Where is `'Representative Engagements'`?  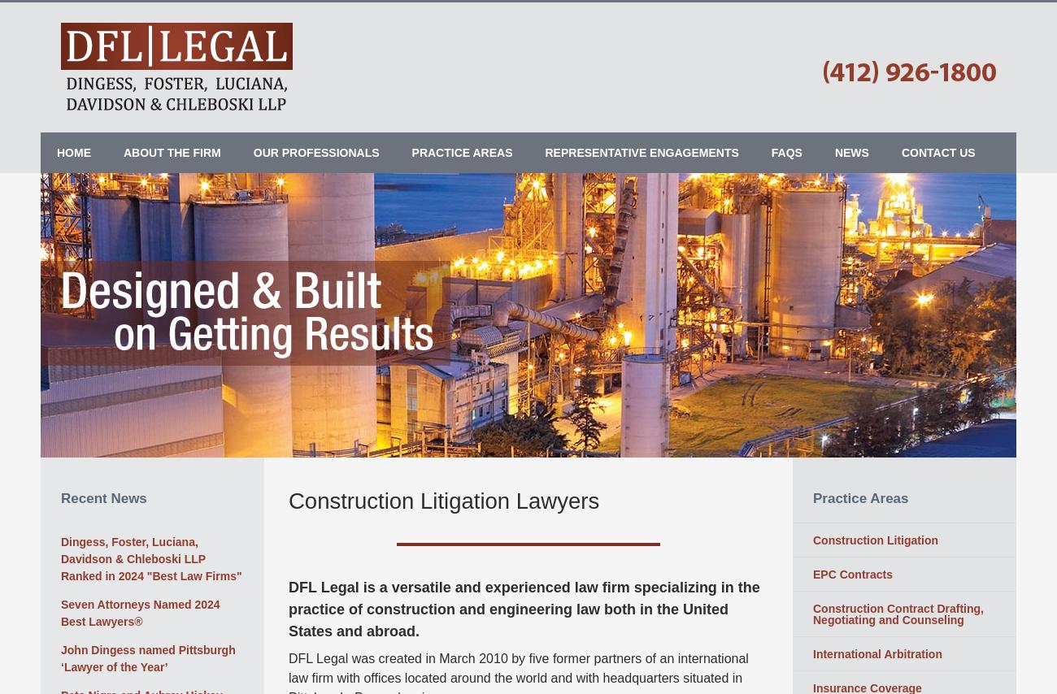 'Representative Engagements' is located at coordinates (544, 151).